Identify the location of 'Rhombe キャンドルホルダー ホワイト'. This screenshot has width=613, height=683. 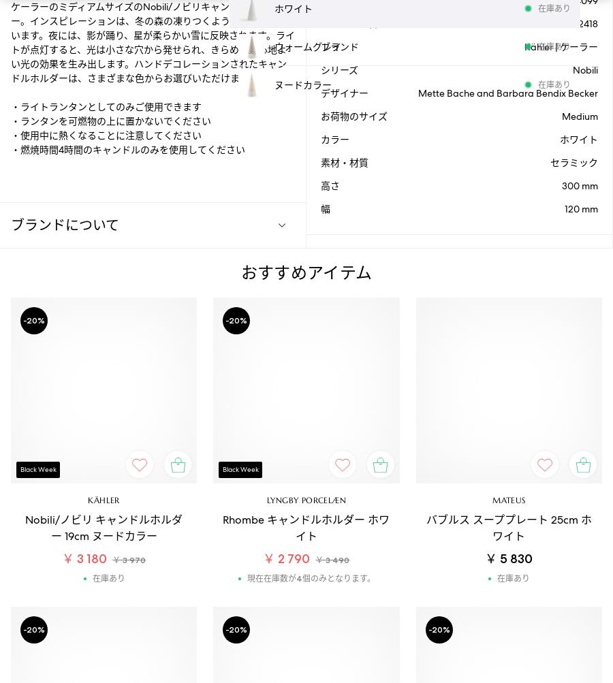
(306, 527).